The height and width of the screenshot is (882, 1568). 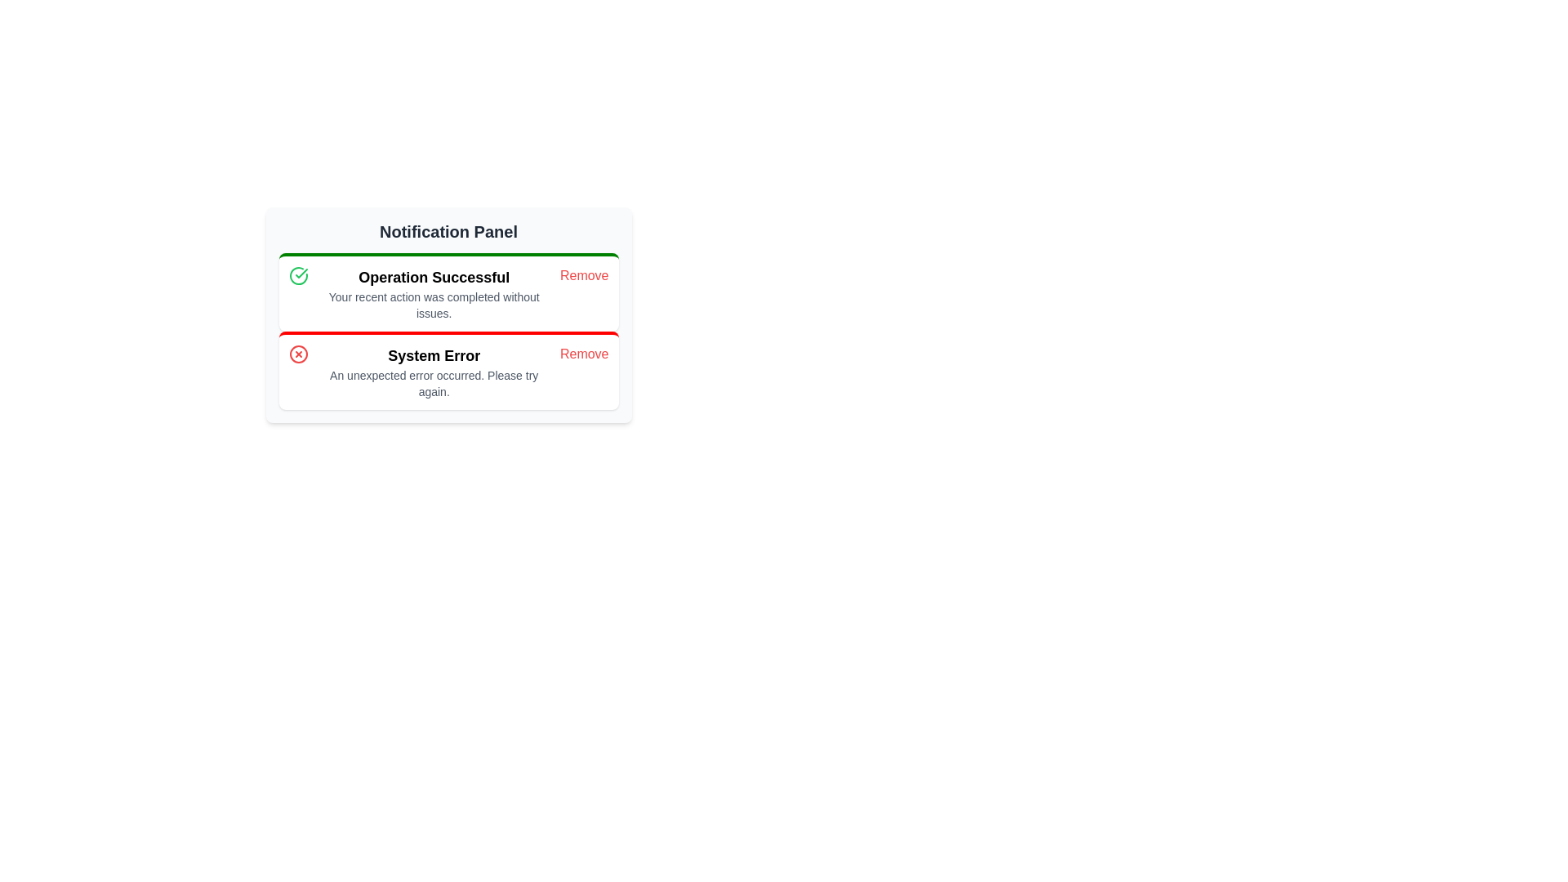 I want to click on the text element that provides additional information related to the success of the user operation, located directly below the 'Operation Successful' title within the notification card in the top-right area of the interface, so click(x=434, y=305).